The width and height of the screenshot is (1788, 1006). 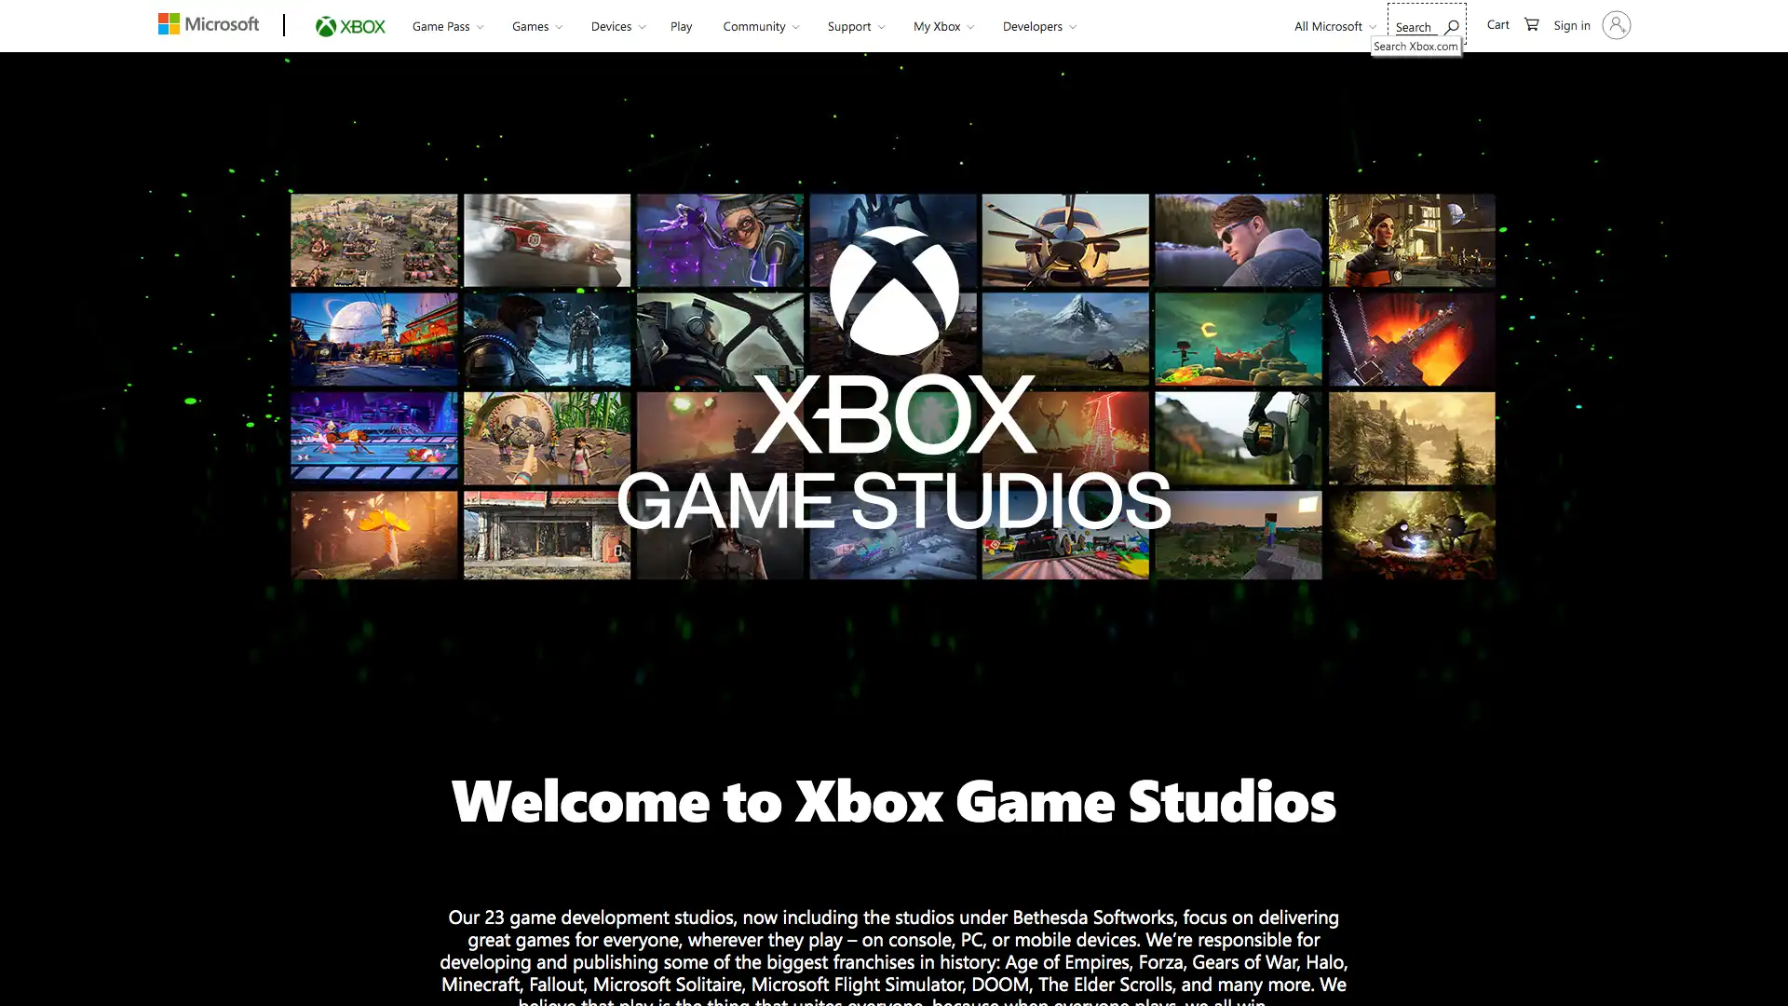 I want to click on Games, so click(x=535, y=25).